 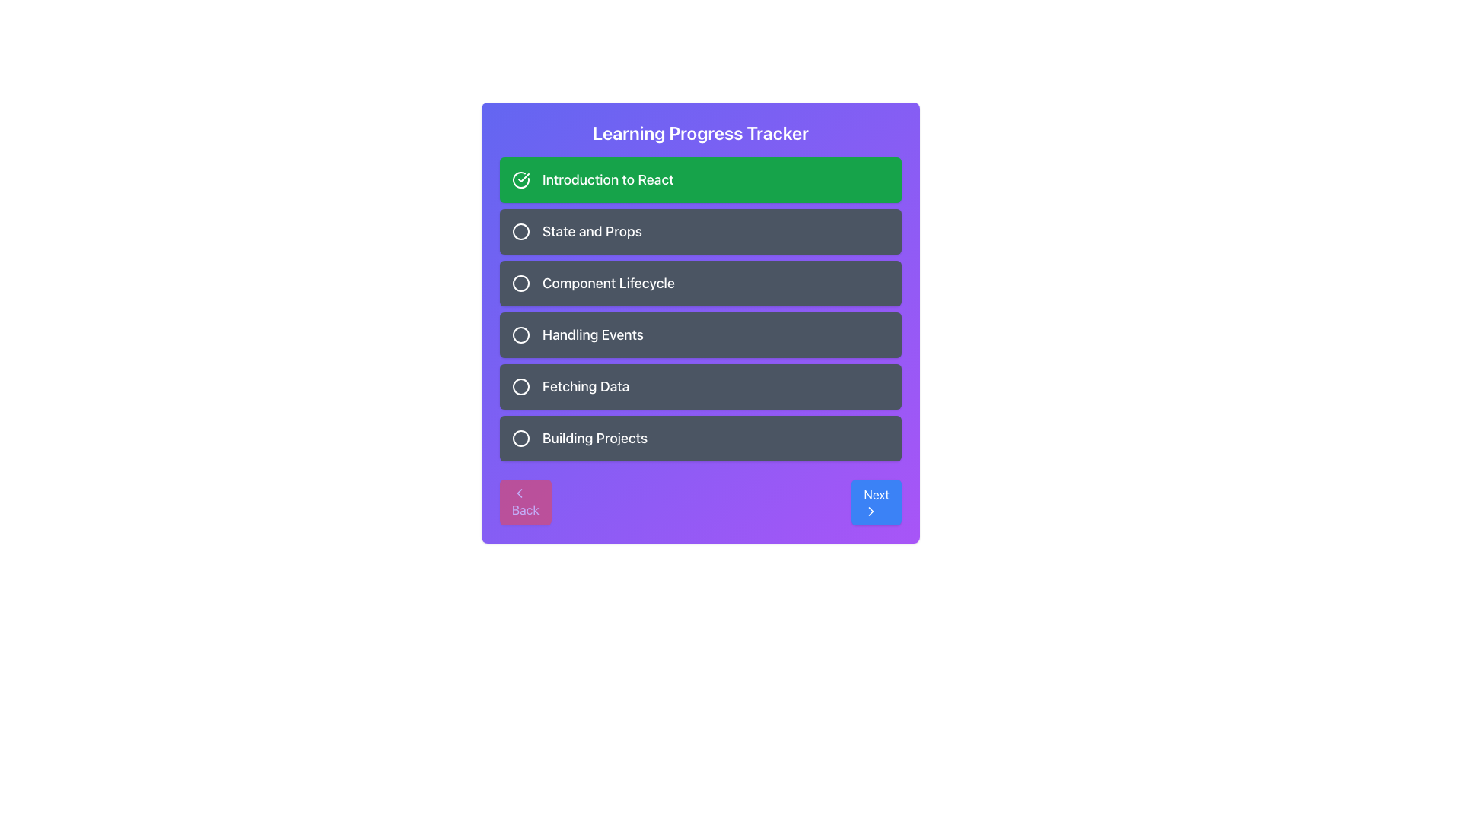 What do you see at coordinates (700, 284) in the screenshot?
I see `the third selectable card in the learning progress tracker` at bounding box center [700, 284].